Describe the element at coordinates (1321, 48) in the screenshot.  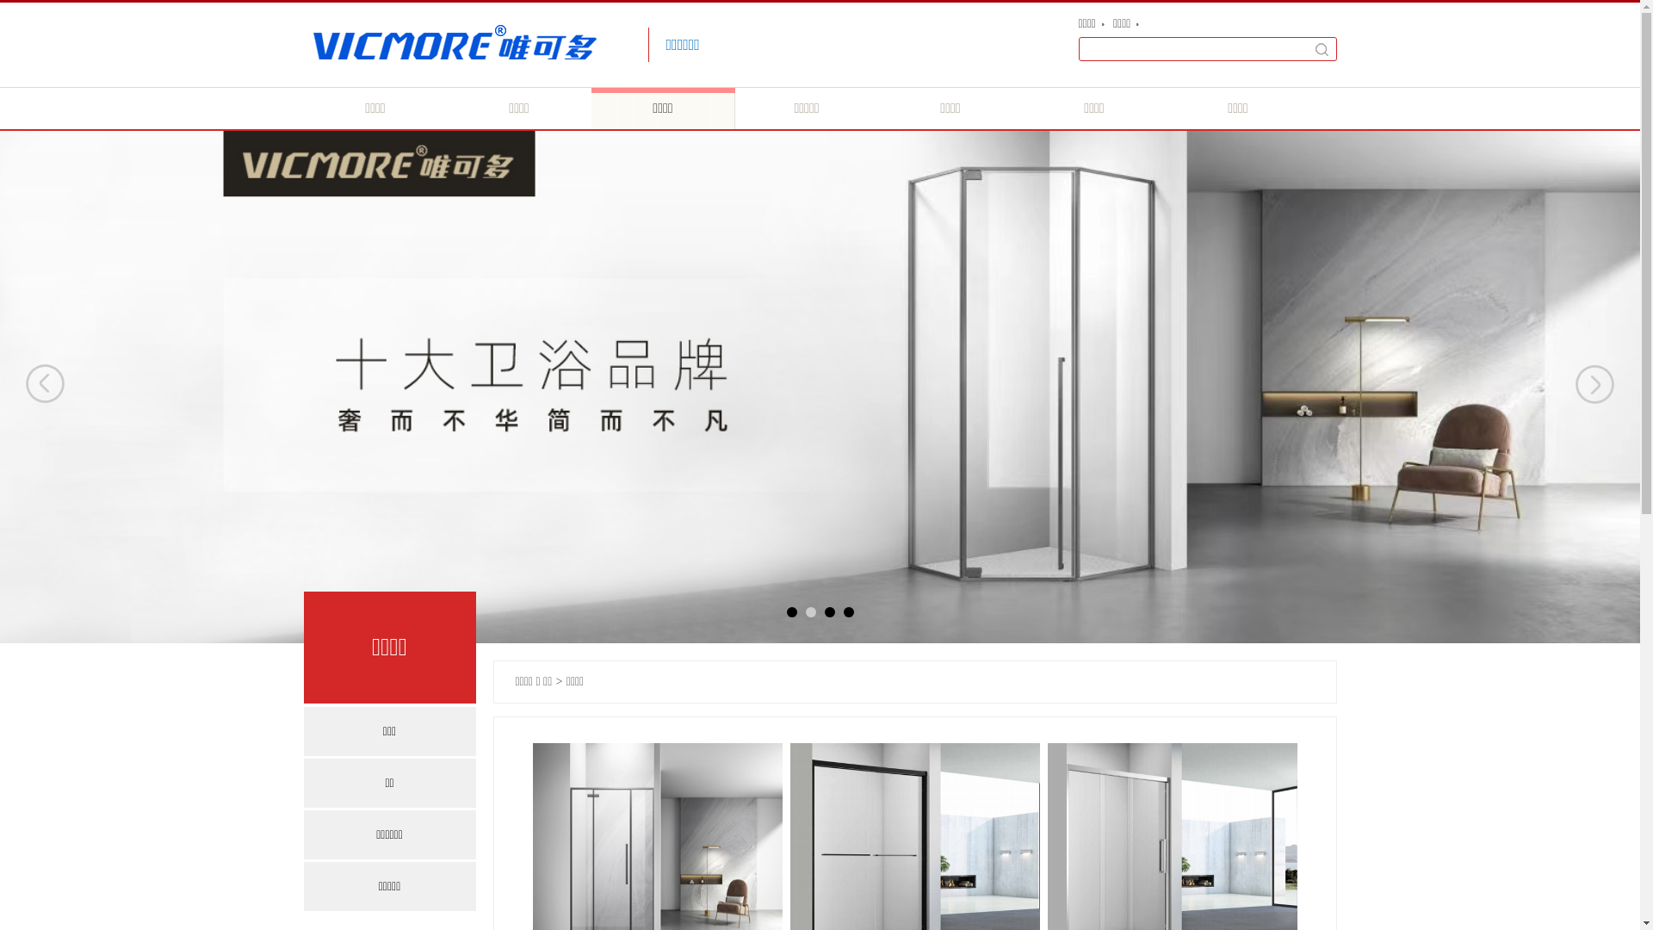
I see `' '` at that location.